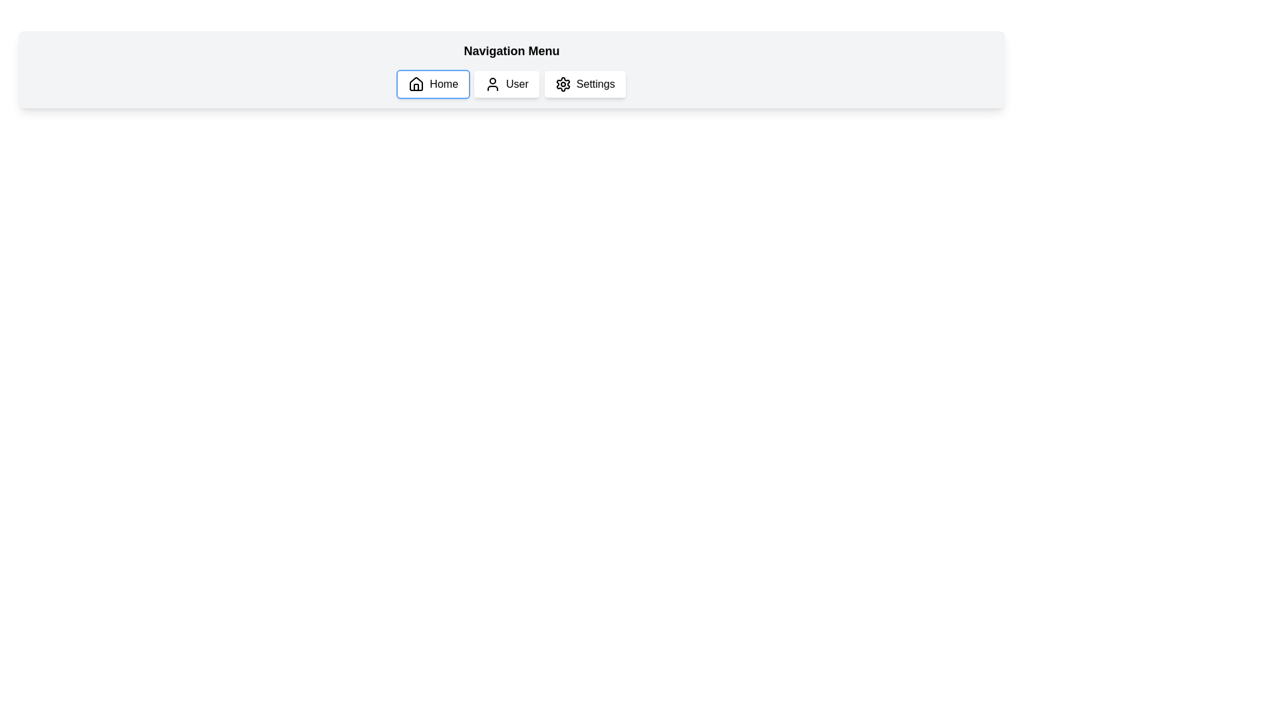 This screenshot has height=718, width=1277. Describe the element at coordinates (492, 84) in the screenshot. I see `the user icon in the navigation menu` at that location.